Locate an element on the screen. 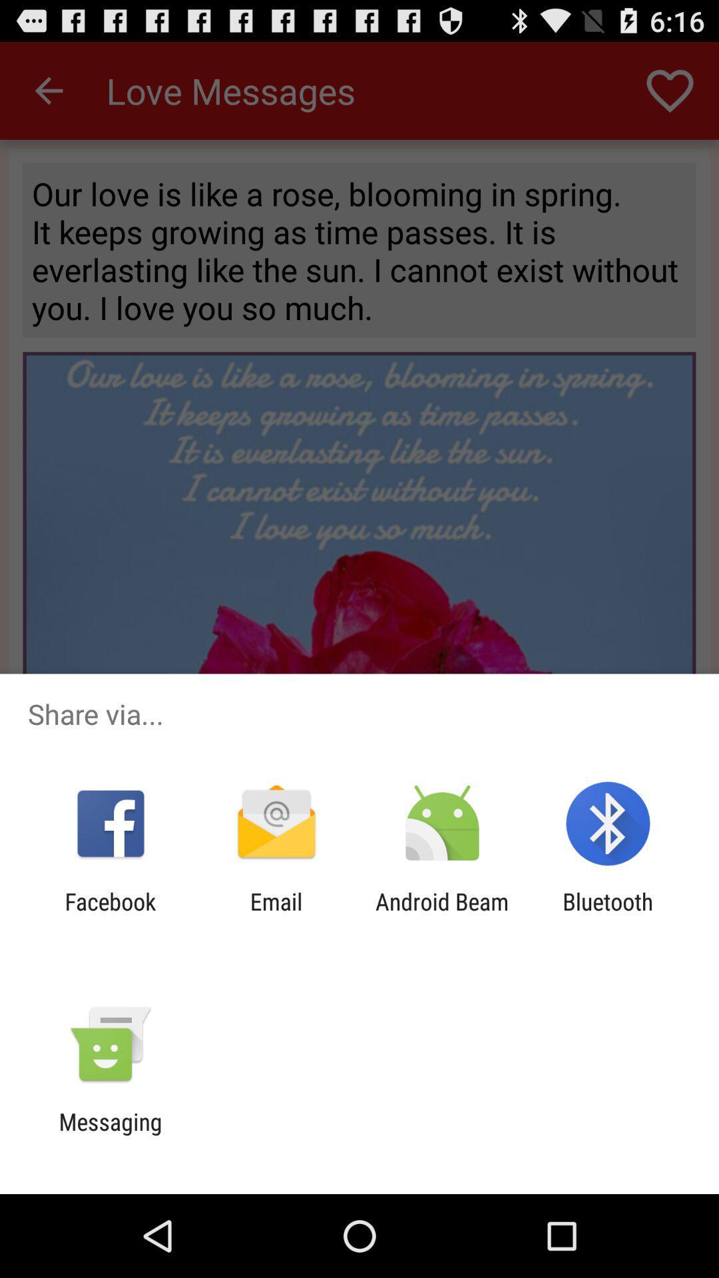 Image resolution: width=719 pixels, height=1278 pixels. the item to the left of email icon is located at coordinates (110, 915).